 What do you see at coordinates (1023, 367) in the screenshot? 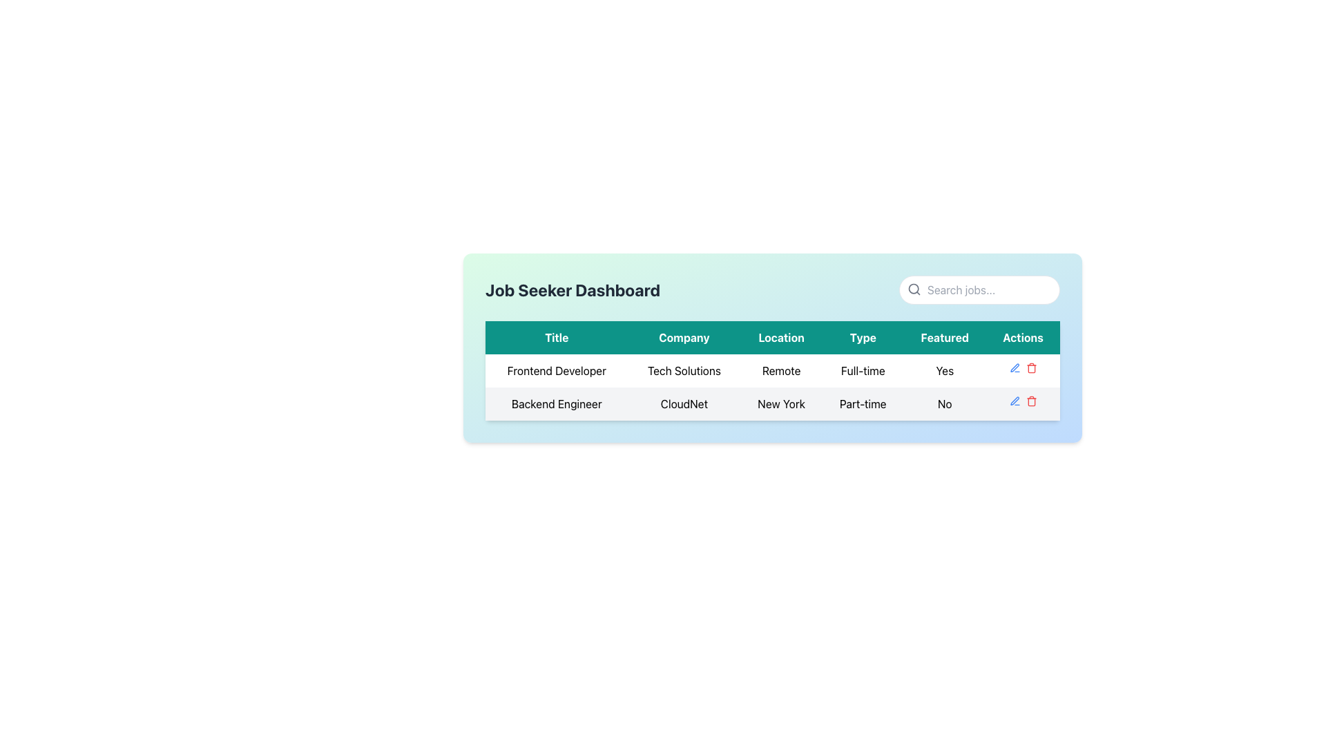
I see `the pen icon in the Actions column of the Frontend Developer job listing for Tech Solutions` at bounding box center [1023, 367].